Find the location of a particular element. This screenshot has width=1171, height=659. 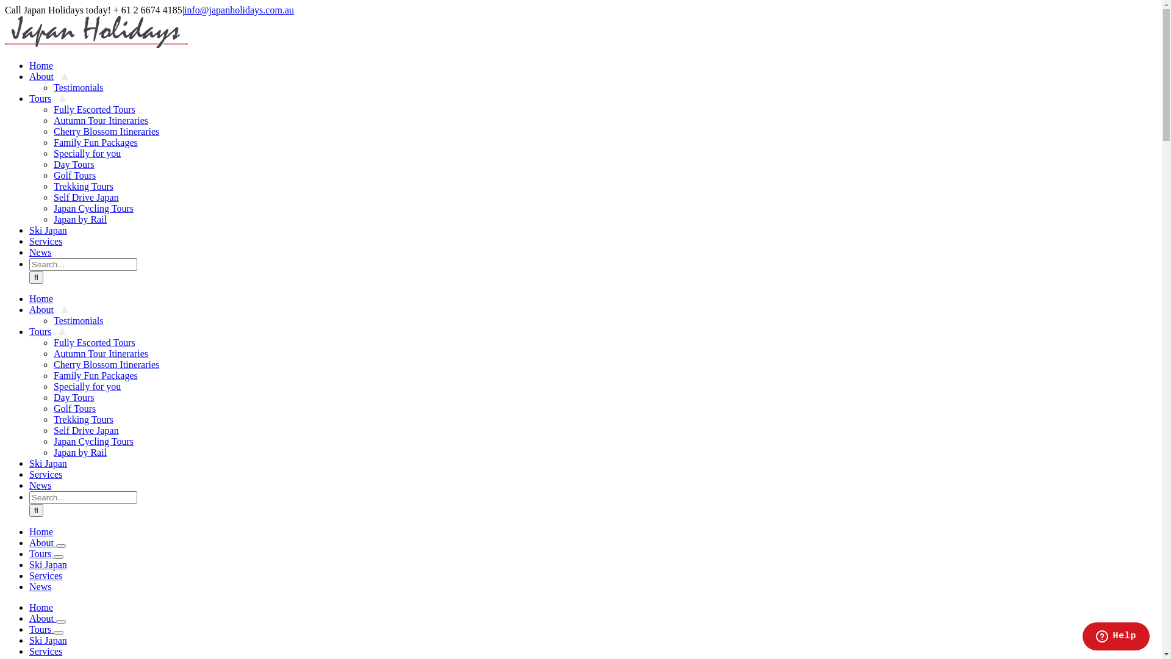

'Services' is located at coordinates (46, 650).